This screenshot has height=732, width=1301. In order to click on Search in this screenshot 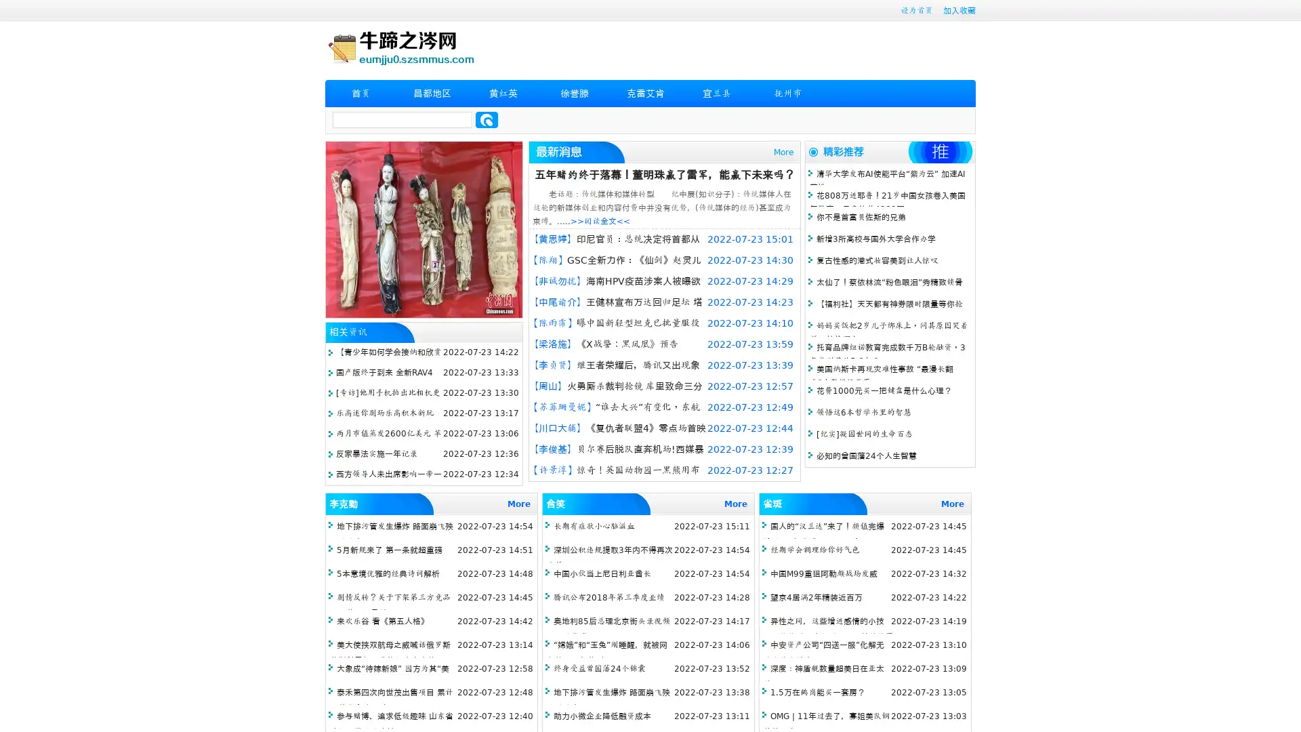, I will do `click(487, 119)`.